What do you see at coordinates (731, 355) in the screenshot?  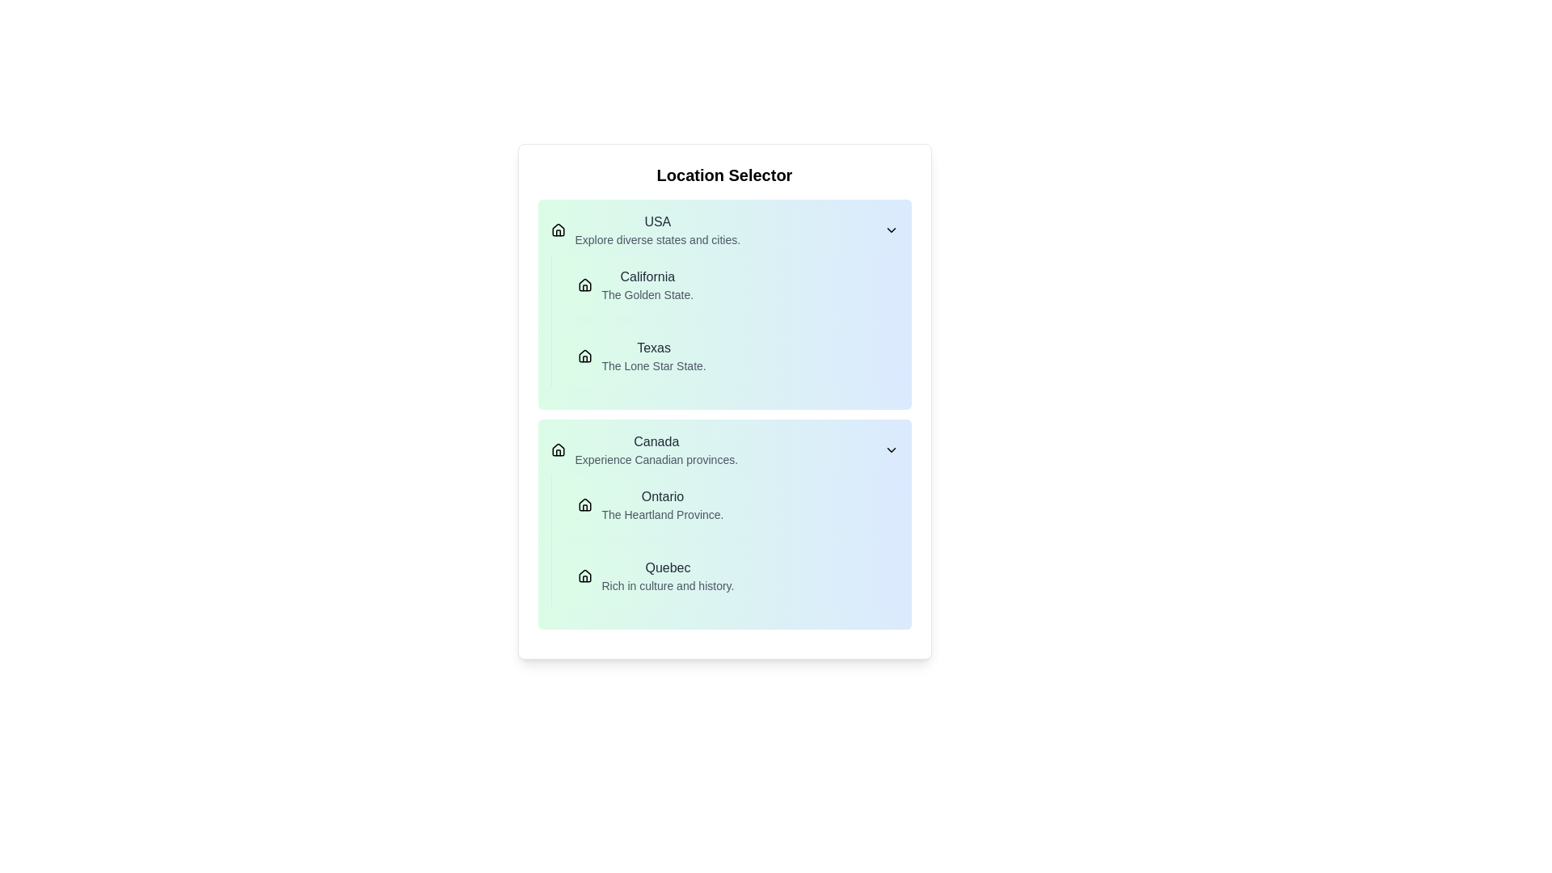 I see `the Informational card titled 'Texas'` at bounding box center [731, 355].